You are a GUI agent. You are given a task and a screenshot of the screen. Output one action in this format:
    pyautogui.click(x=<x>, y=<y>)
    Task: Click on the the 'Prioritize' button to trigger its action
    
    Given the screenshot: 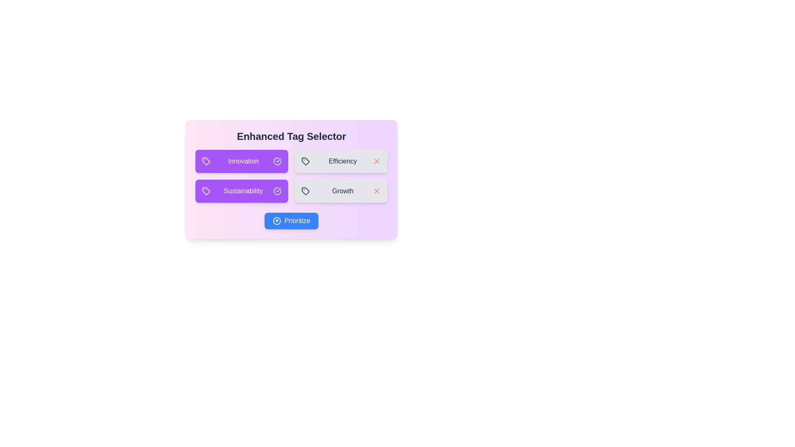 What is the action you would take?
    pyautogui.click(x=291, y=220)
    